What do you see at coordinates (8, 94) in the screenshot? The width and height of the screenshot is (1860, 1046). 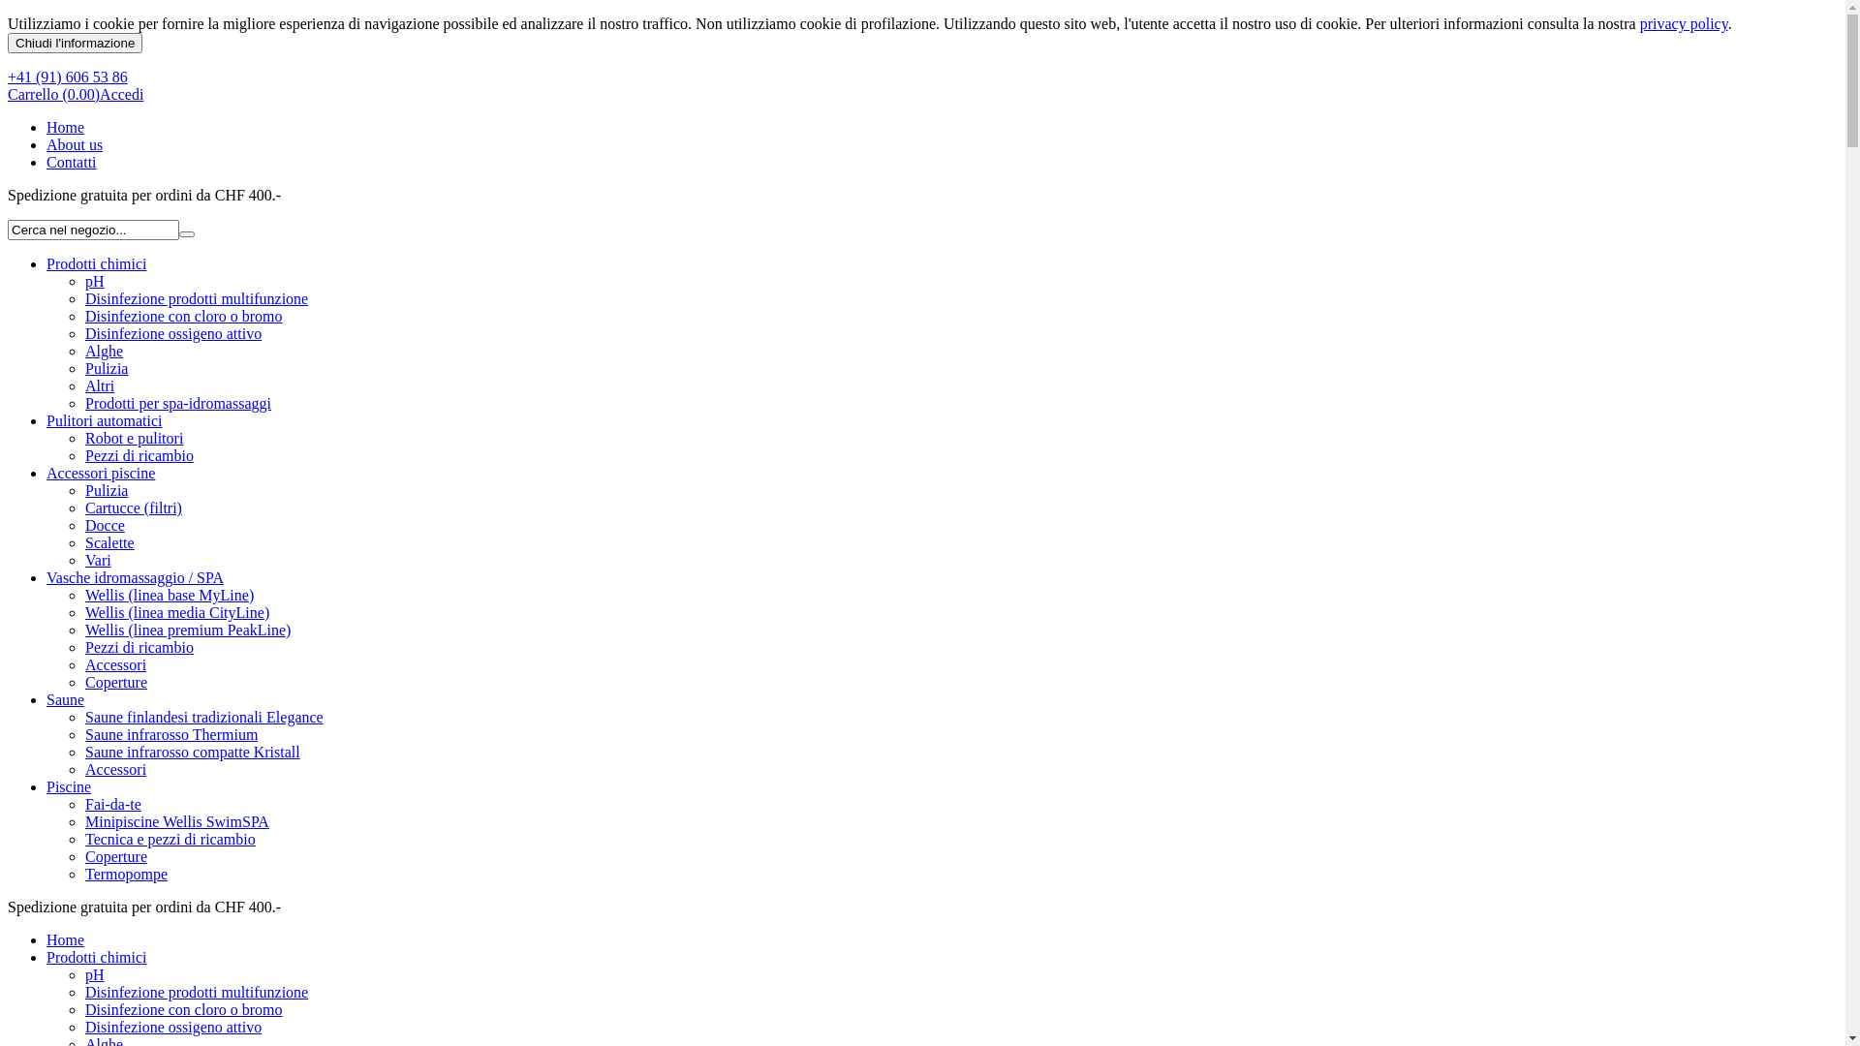 I see `'Carrello (0.00)'` at bounding box center [8, 94].